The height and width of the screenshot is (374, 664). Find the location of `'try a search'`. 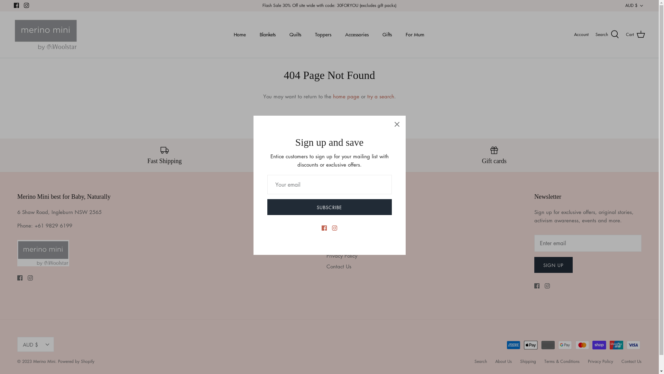

'try a search' is located at coordinates (380, 96).